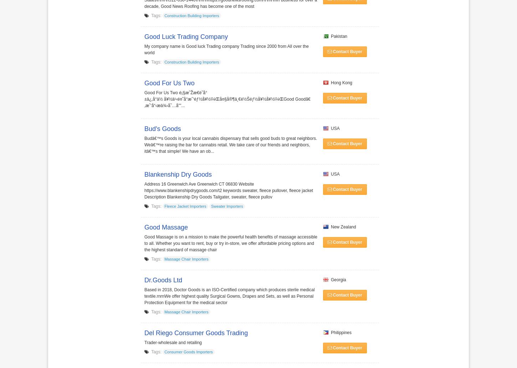 Image resolution: width=517 pixels, height=368 pixels. What do you see at coordinates (337, 279) in the screenshot?
I see `'Georgia'` at bounding box center [337, 279].